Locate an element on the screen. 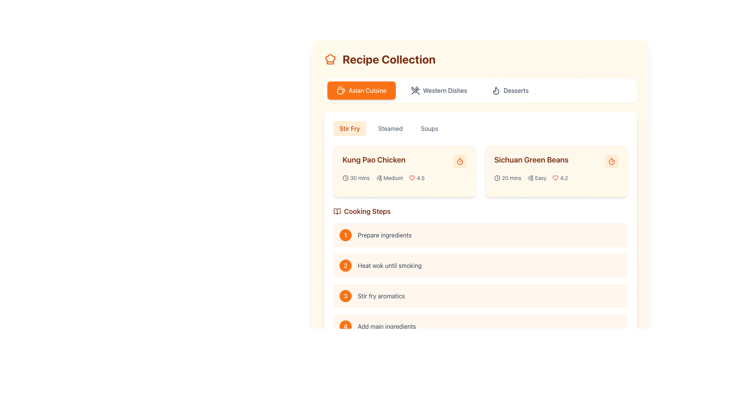 The width and height of the screenshot is (730, 411). the circular badge with an orange background and the white numeral '4', which is the step number indicator located to the left of the text 'Add main ingredients' in the Cooking Steps section is located at coordinates (345, 326).